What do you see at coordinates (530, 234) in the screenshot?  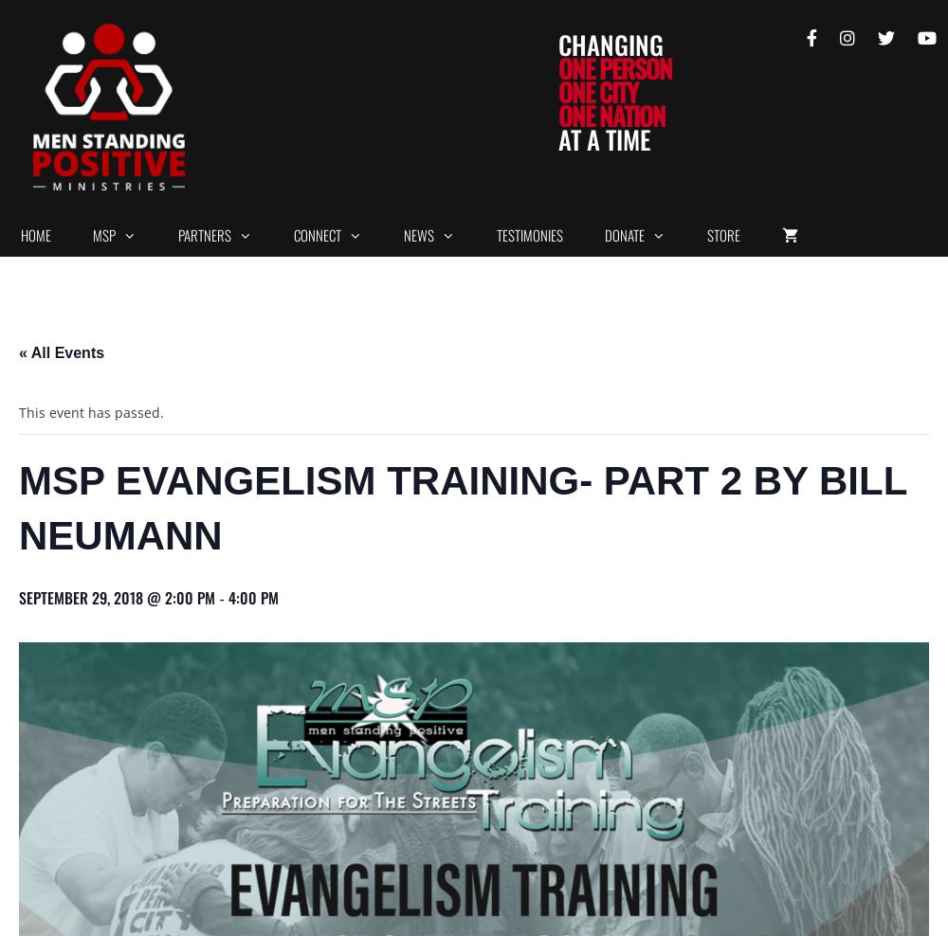 I see `'Testimonies'` at bounding box center [530, 234].